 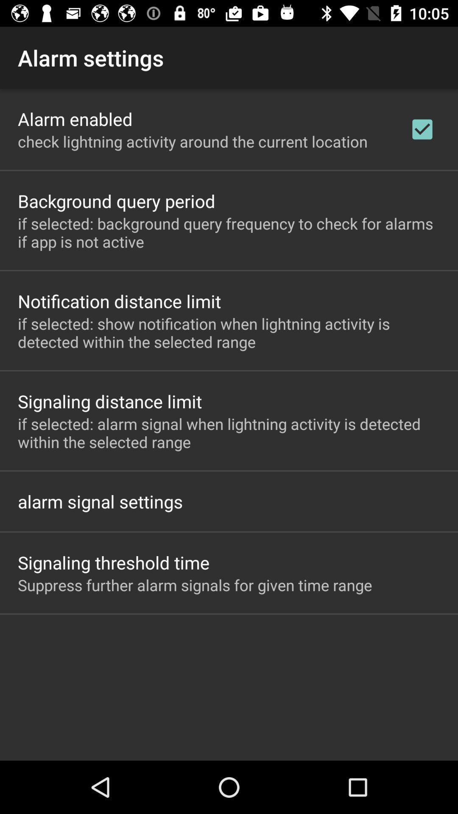 What do you see at coordinates (75, 118) in the screenshot?
I see `the icon below alarm settings item` at bounding box center [75, 118].